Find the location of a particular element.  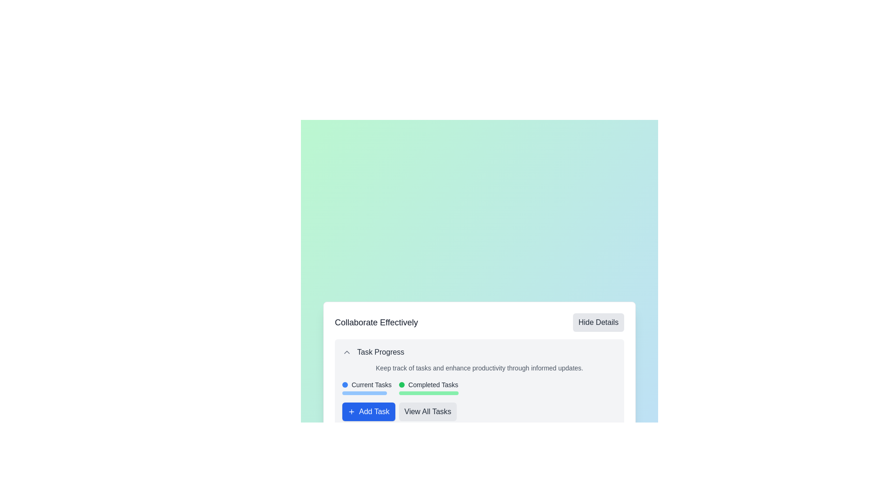

the static text block that provides descriptive context for the 'Task Progress' section, located beneath the 'Task Progress' header is located at coordinates (480, 367).